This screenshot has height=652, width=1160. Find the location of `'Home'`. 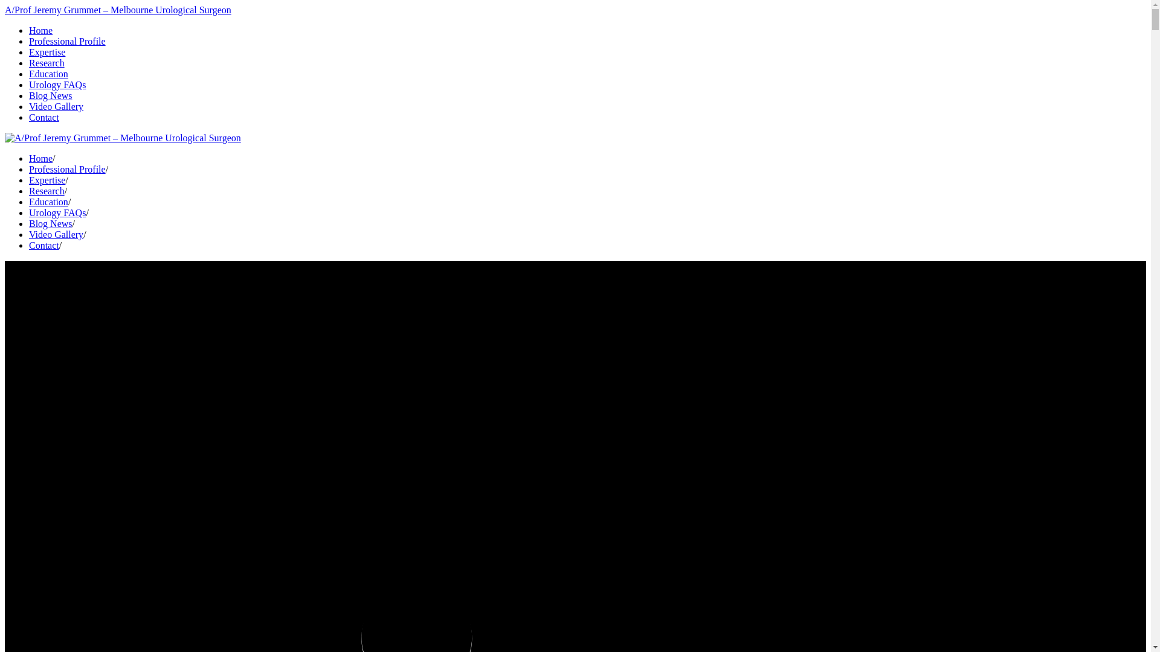

'Home' is located at coordinates (40, 158).